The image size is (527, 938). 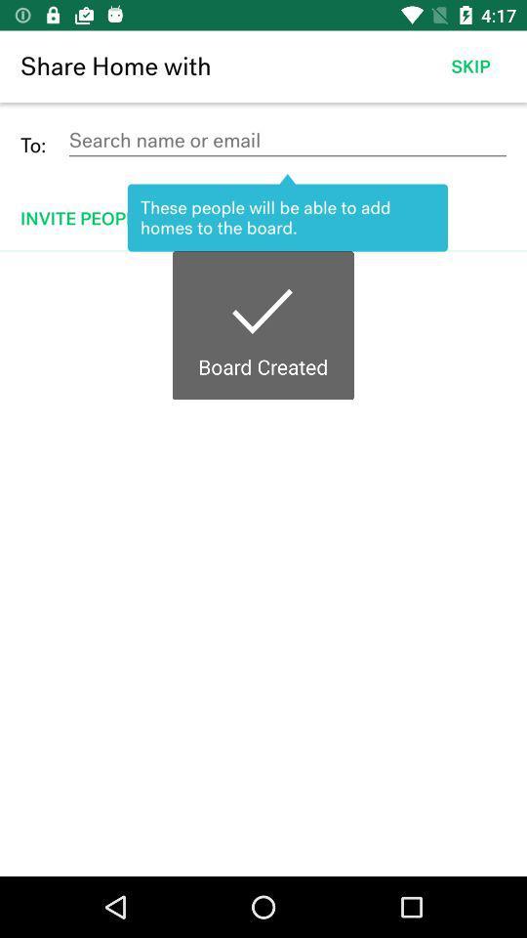 I want to click on name/email detail to share home, so click(x=286, y=140).